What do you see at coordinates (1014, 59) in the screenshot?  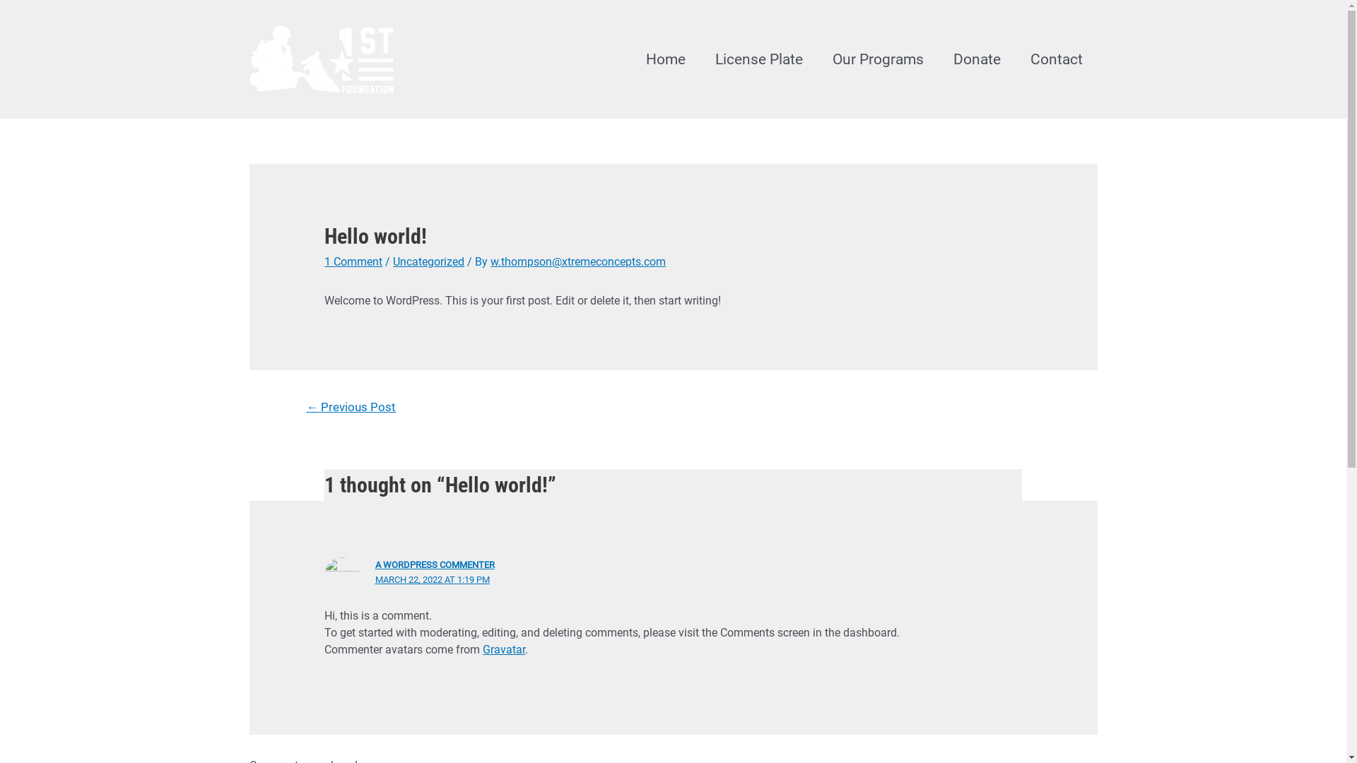 I see `'Contact'` at bounding box center [1014, 59].